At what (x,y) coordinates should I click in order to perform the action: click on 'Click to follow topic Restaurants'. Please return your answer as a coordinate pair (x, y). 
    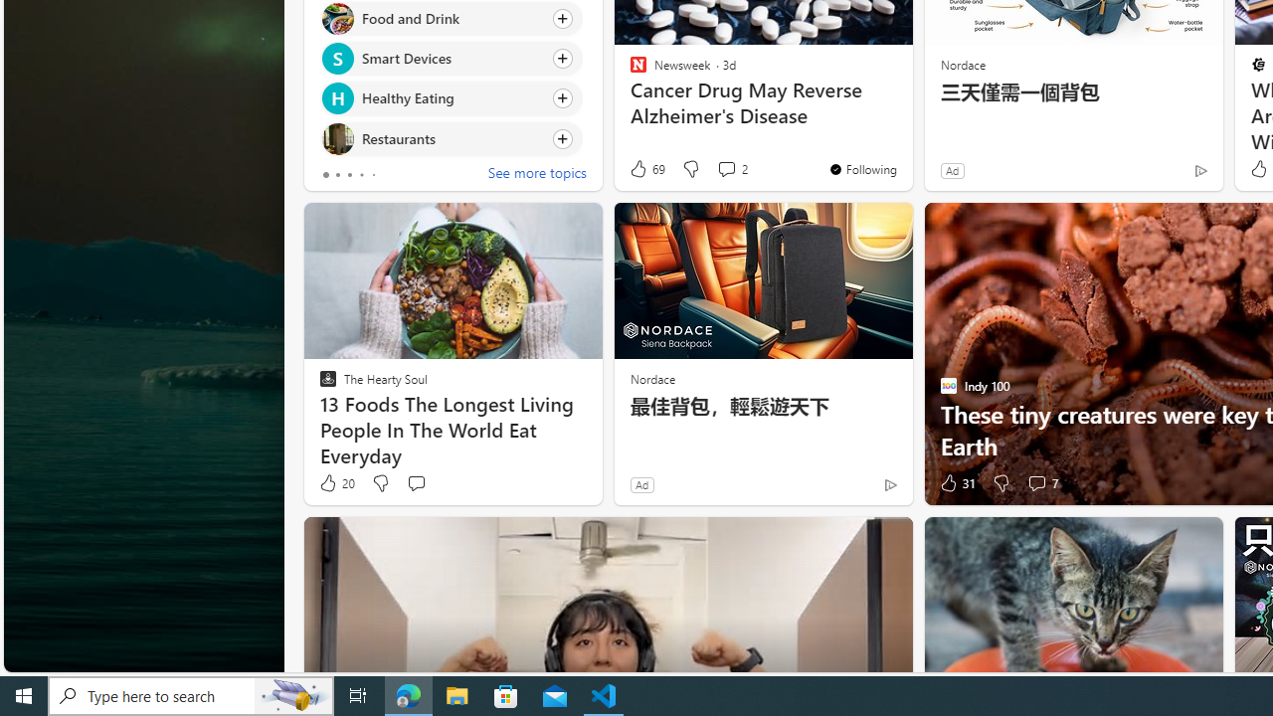
    Looking at the image, I should click on (450, 137).